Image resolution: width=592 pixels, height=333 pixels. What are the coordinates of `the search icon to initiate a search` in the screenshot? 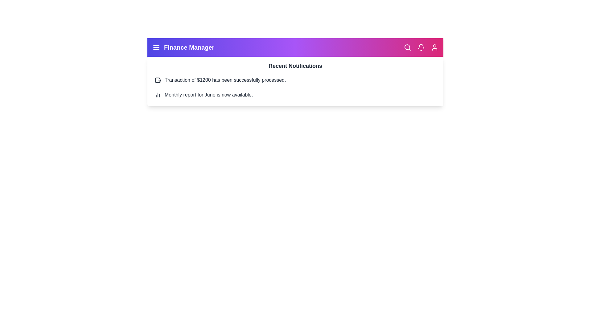 It's located at (407, 47).